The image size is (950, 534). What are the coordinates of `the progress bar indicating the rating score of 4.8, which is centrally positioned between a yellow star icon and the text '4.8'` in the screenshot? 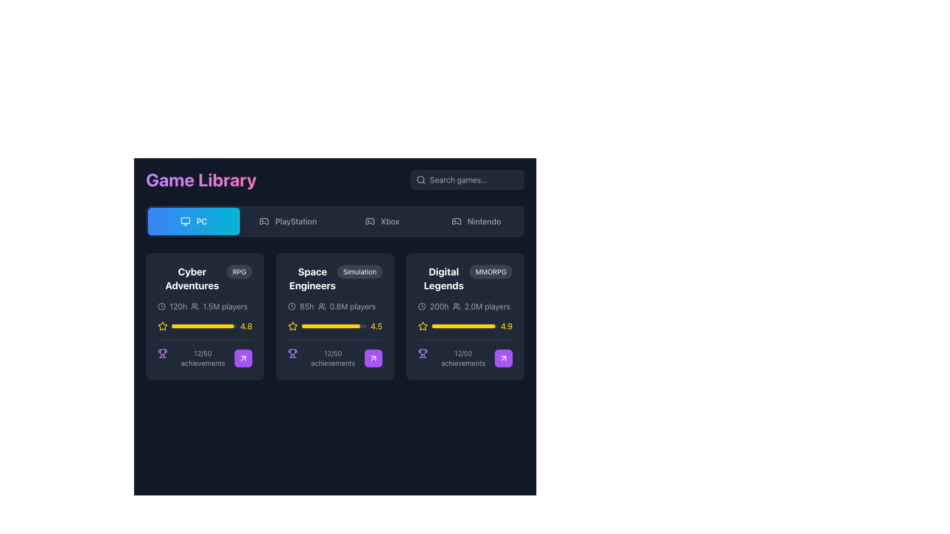 It's located at (203, 326).